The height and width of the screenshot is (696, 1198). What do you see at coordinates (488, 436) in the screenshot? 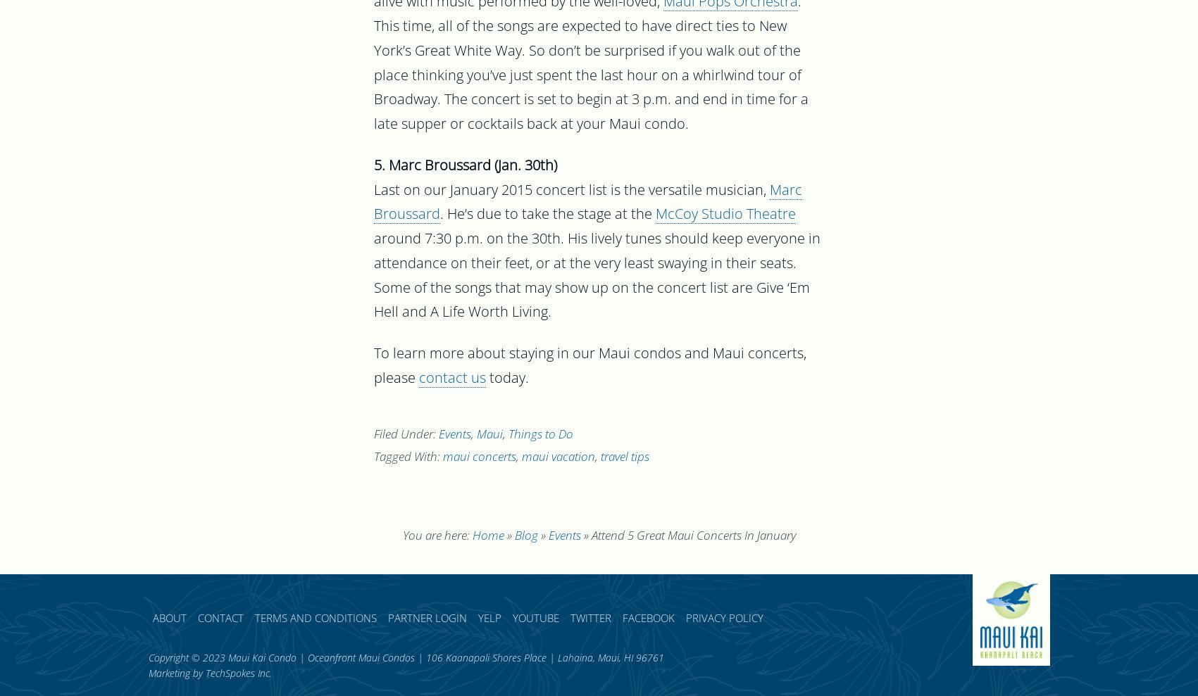
I see `'Maui'` at bounding box center [488, 436].